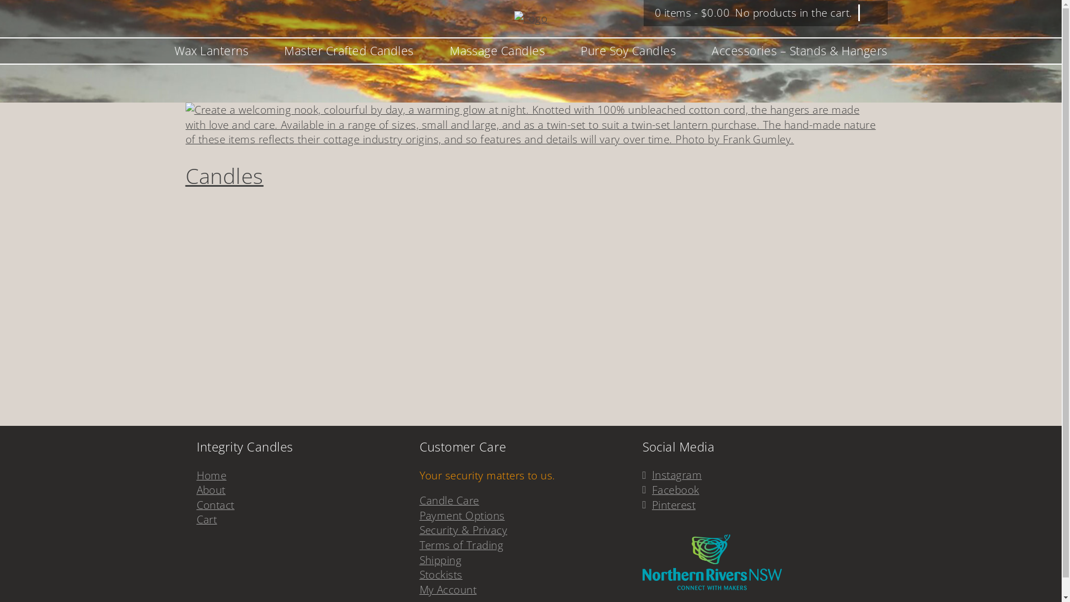  Describe the element at coordinates (211, 489) in the screenshot. I see `'About'` at that location.